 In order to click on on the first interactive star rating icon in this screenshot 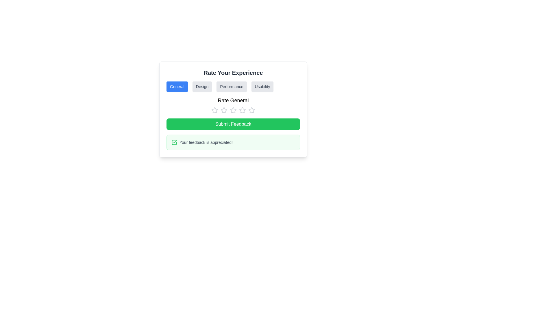, I will do `click(214, 110)`.